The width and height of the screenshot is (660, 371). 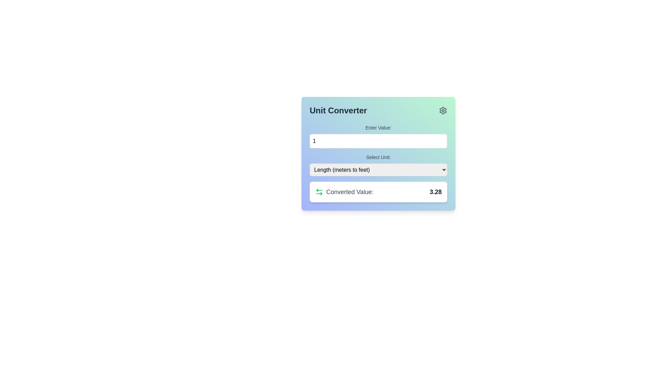 I want to click on the gear-shaped icon located in the top-right corner of the Unit Converter interface, so click(x=443, y=110).